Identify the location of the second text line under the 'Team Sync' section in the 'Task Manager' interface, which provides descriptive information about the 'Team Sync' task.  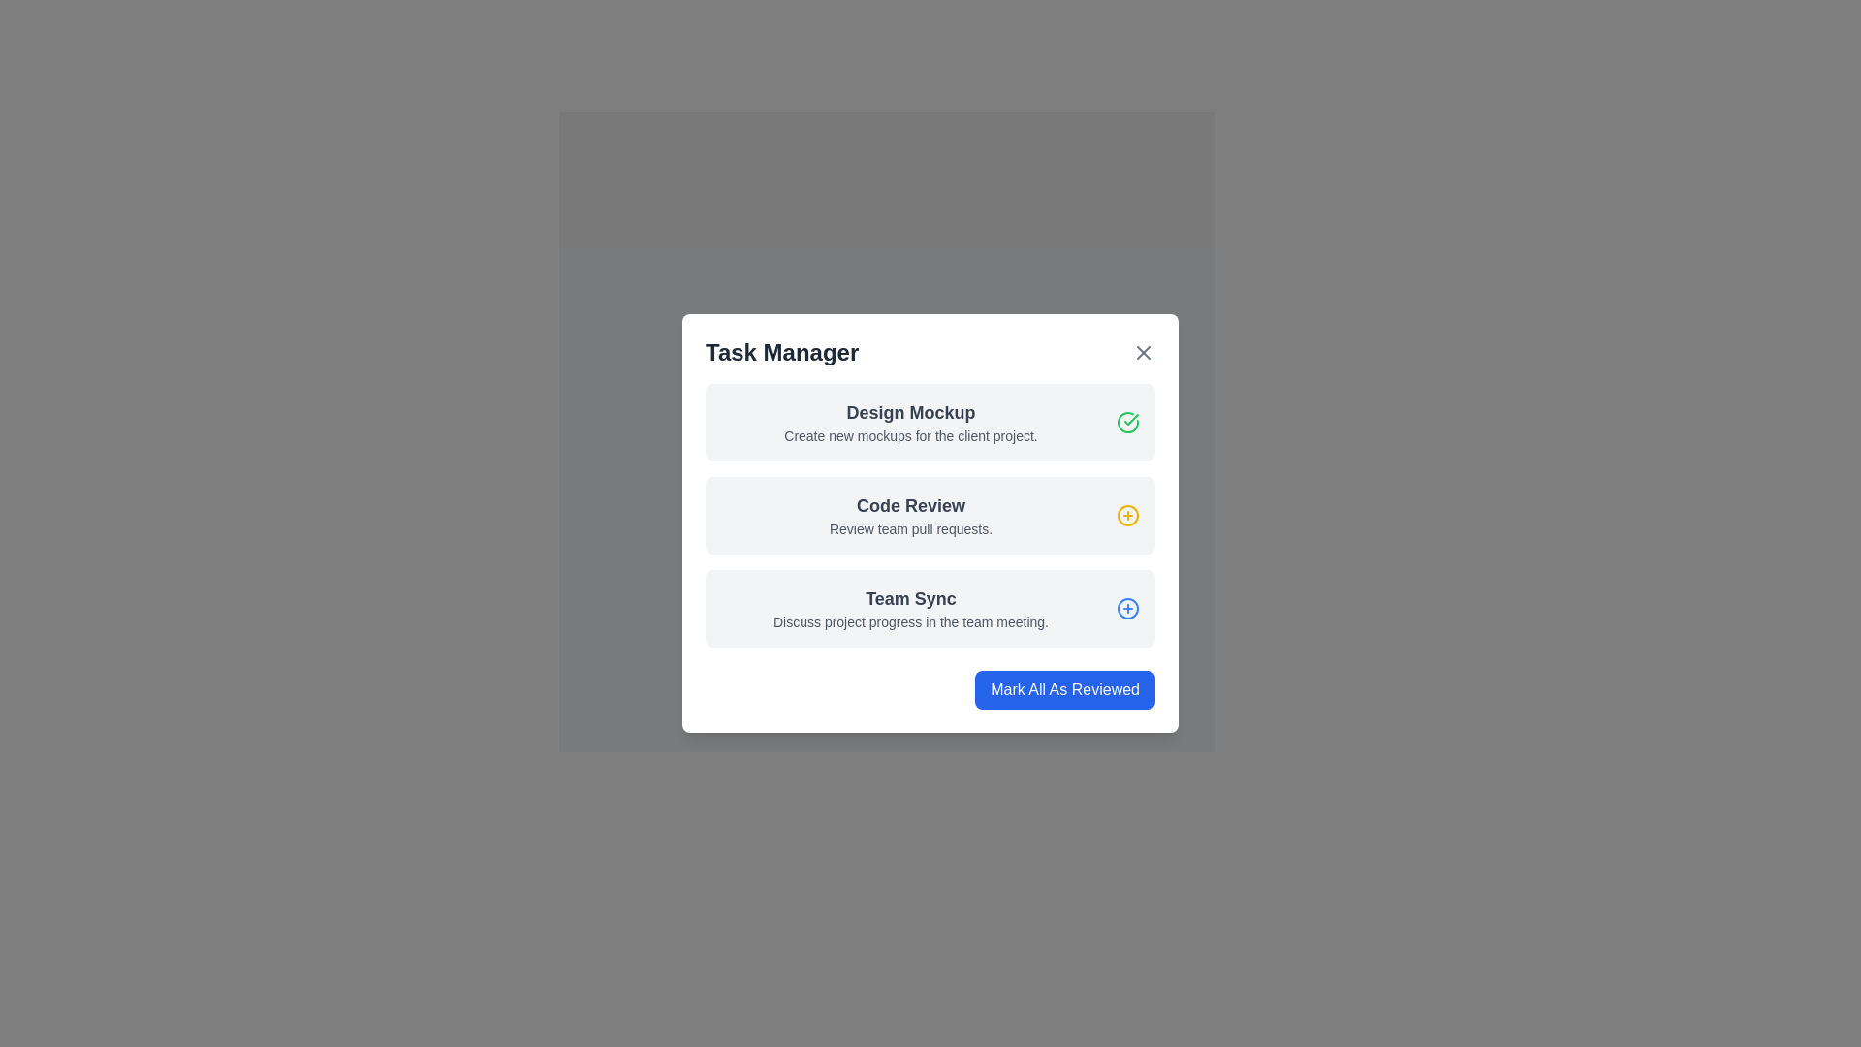
(910, 621).